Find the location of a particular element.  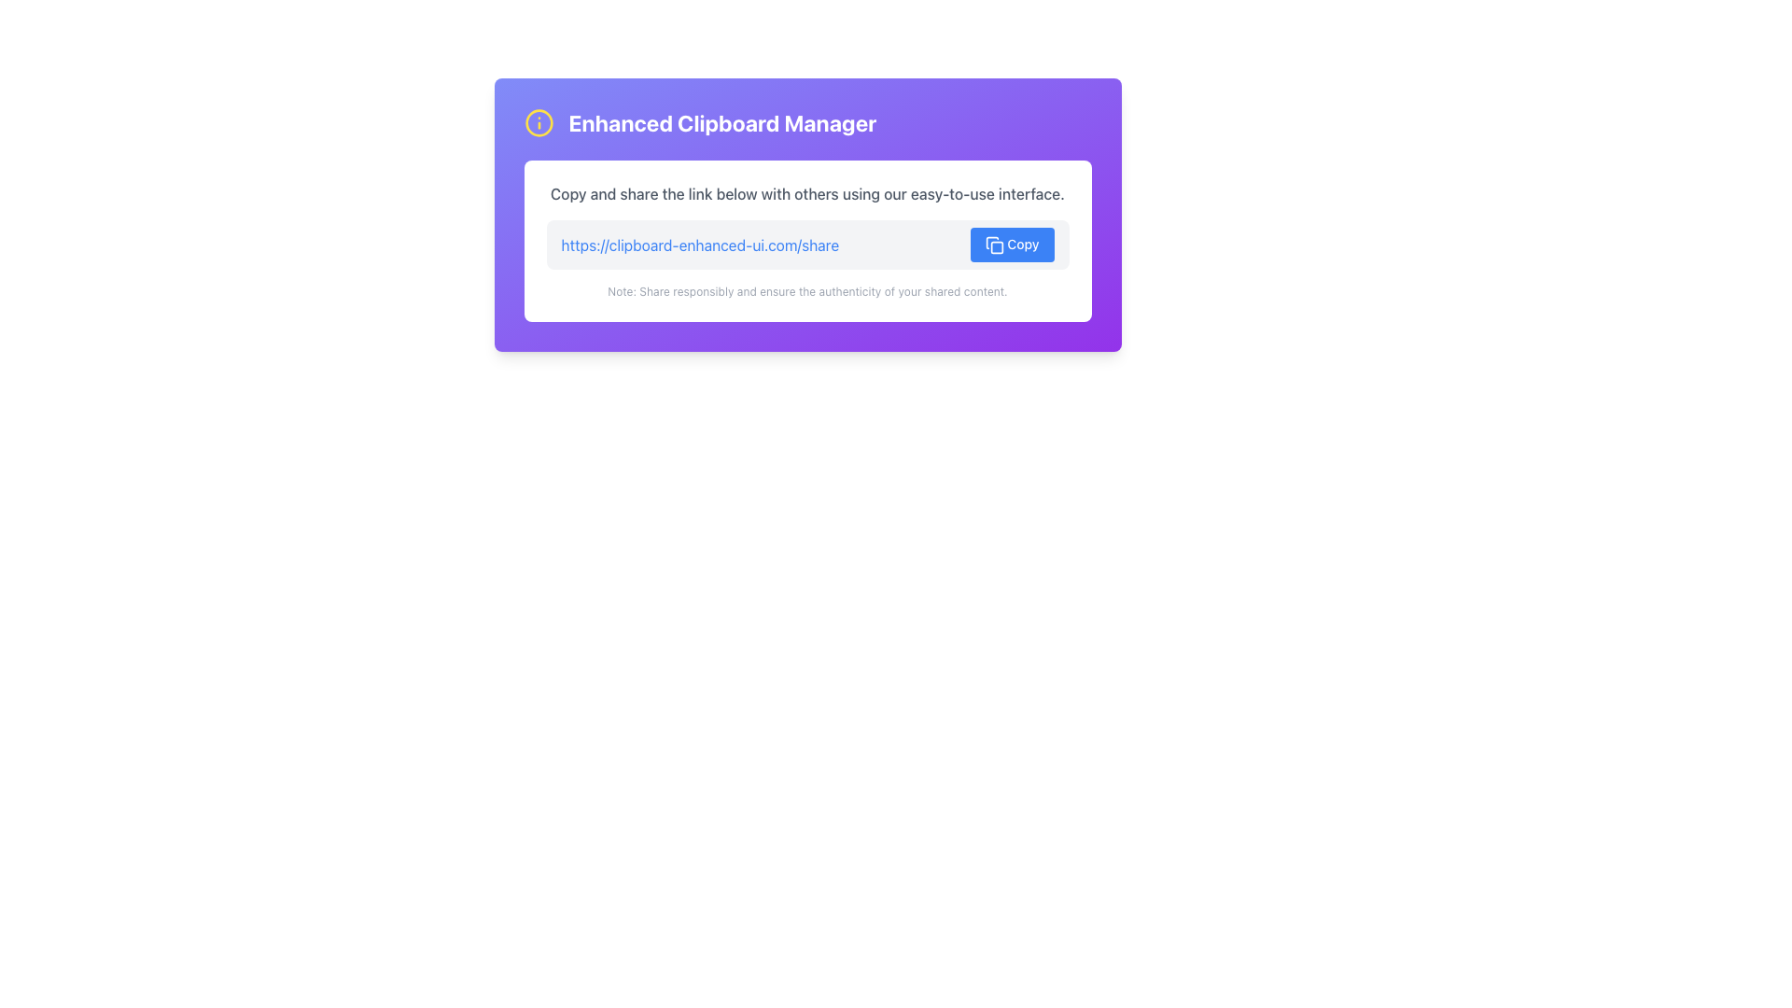

the inner square of the copy icon, which is part of the graphical representation located near the top-right of the 'Copy' button is located at coordinates (996, 246).